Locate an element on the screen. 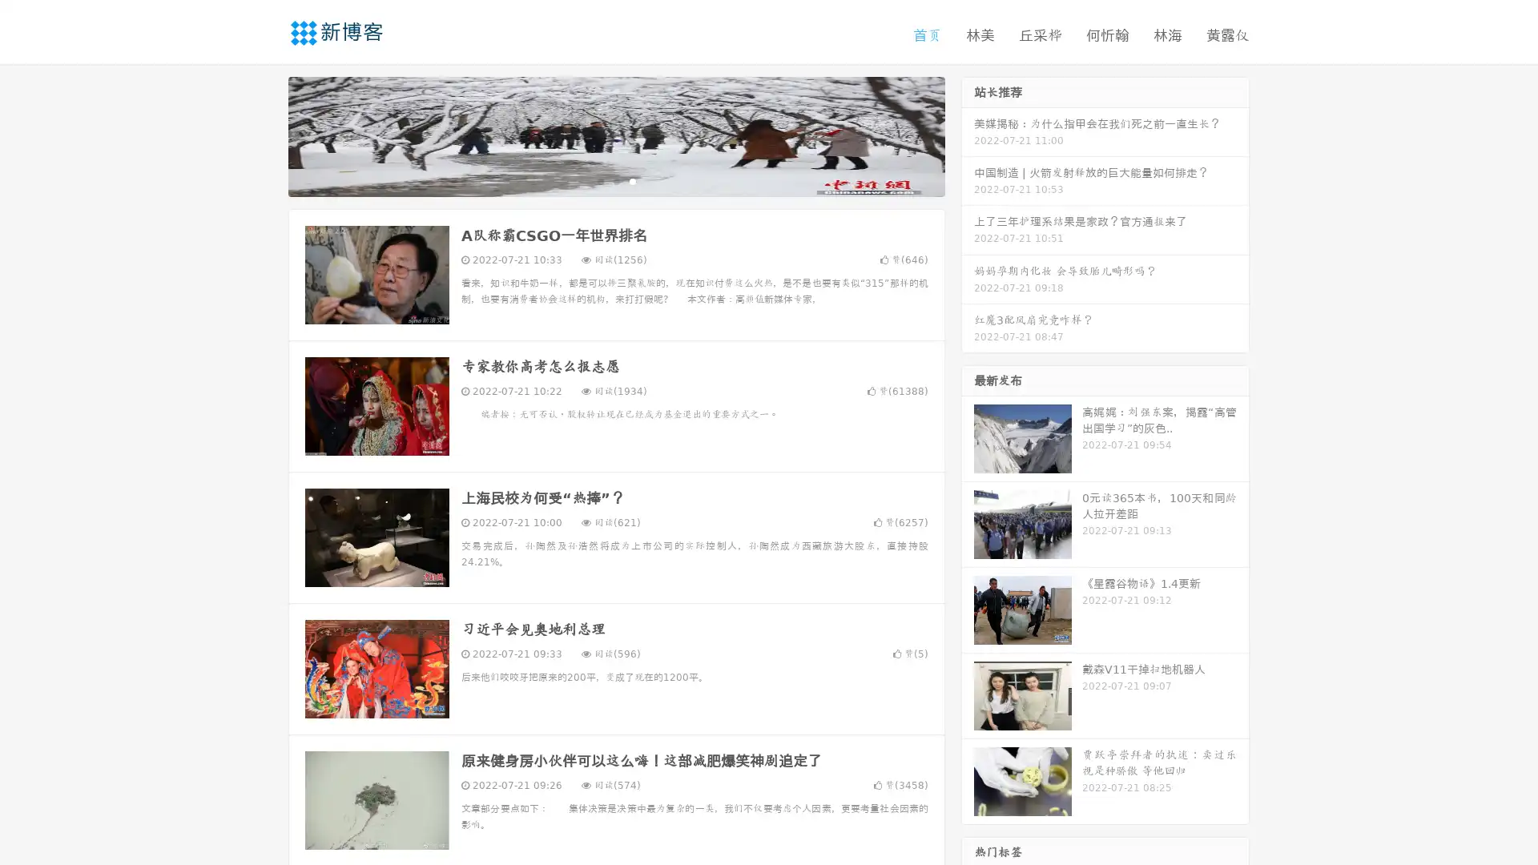 This screenshot has width=1538, height=865. Go to slide 1 is located at coordinates (599, 180).